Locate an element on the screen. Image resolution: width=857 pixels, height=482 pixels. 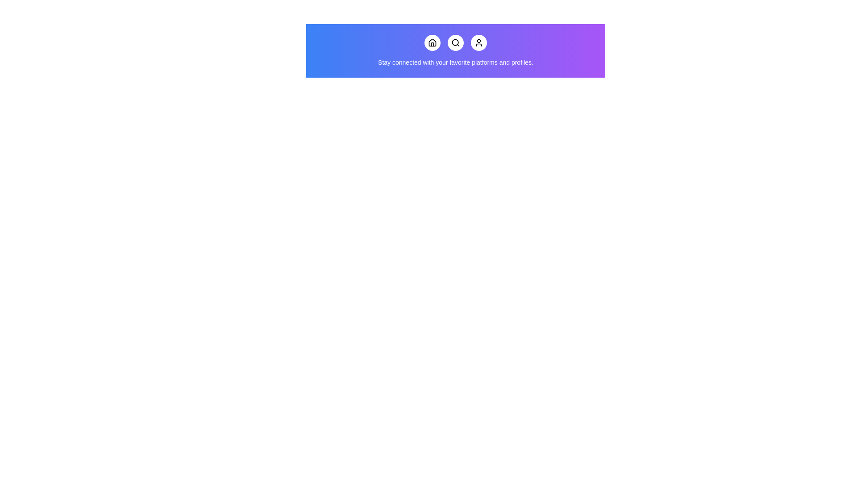
the 'Home' navigation button located at the top horizontal bar, which is the first button from the left among three similar buttons is located at coordinates (433, 43).